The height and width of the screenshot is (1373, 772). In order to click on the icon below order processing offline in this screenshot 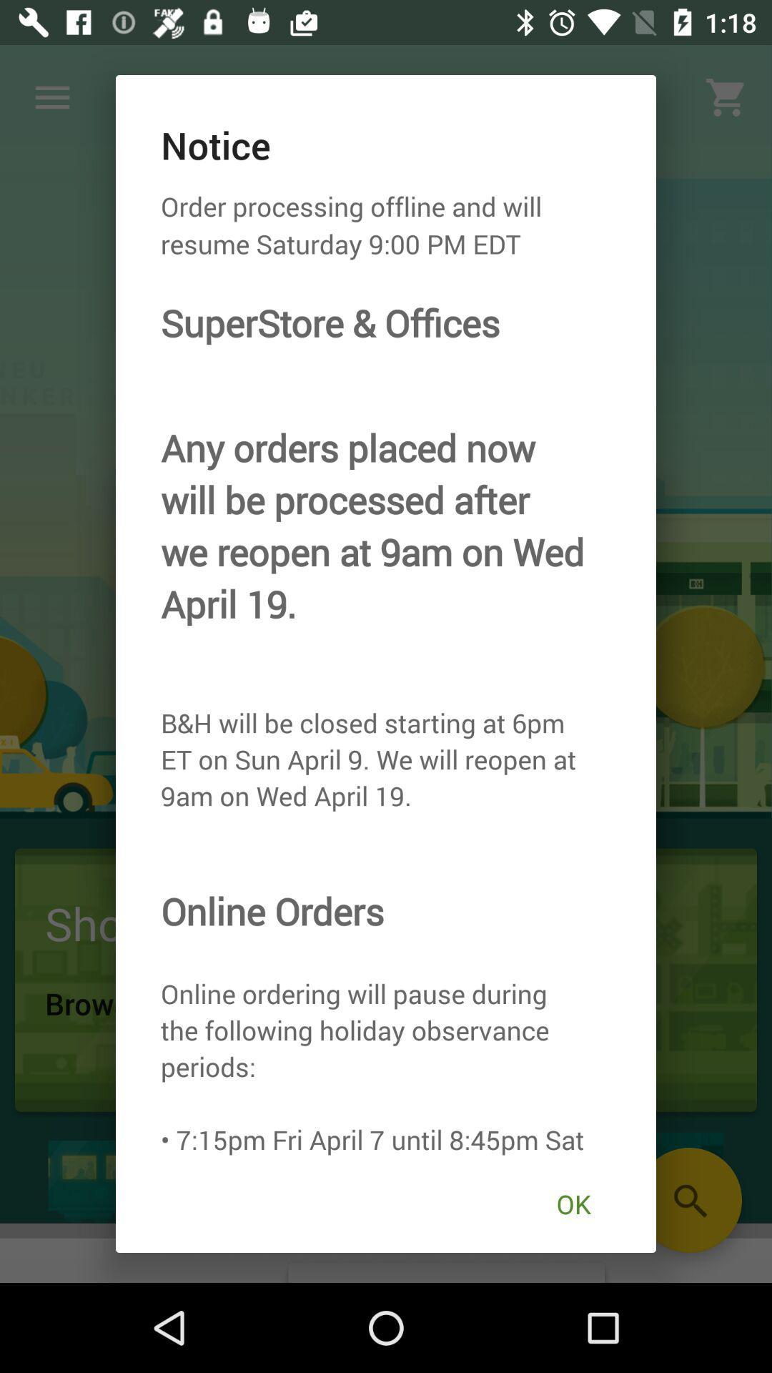, I will do `click(573, 1203)`.